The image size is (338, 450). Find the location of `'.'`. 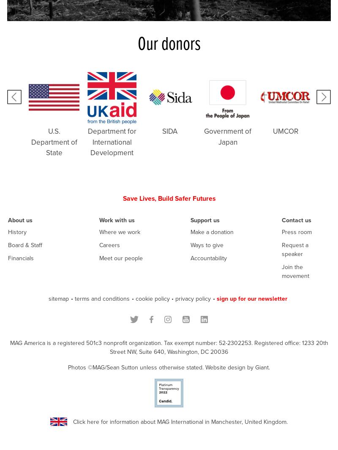

'.' is located at coordinates (269, 366).